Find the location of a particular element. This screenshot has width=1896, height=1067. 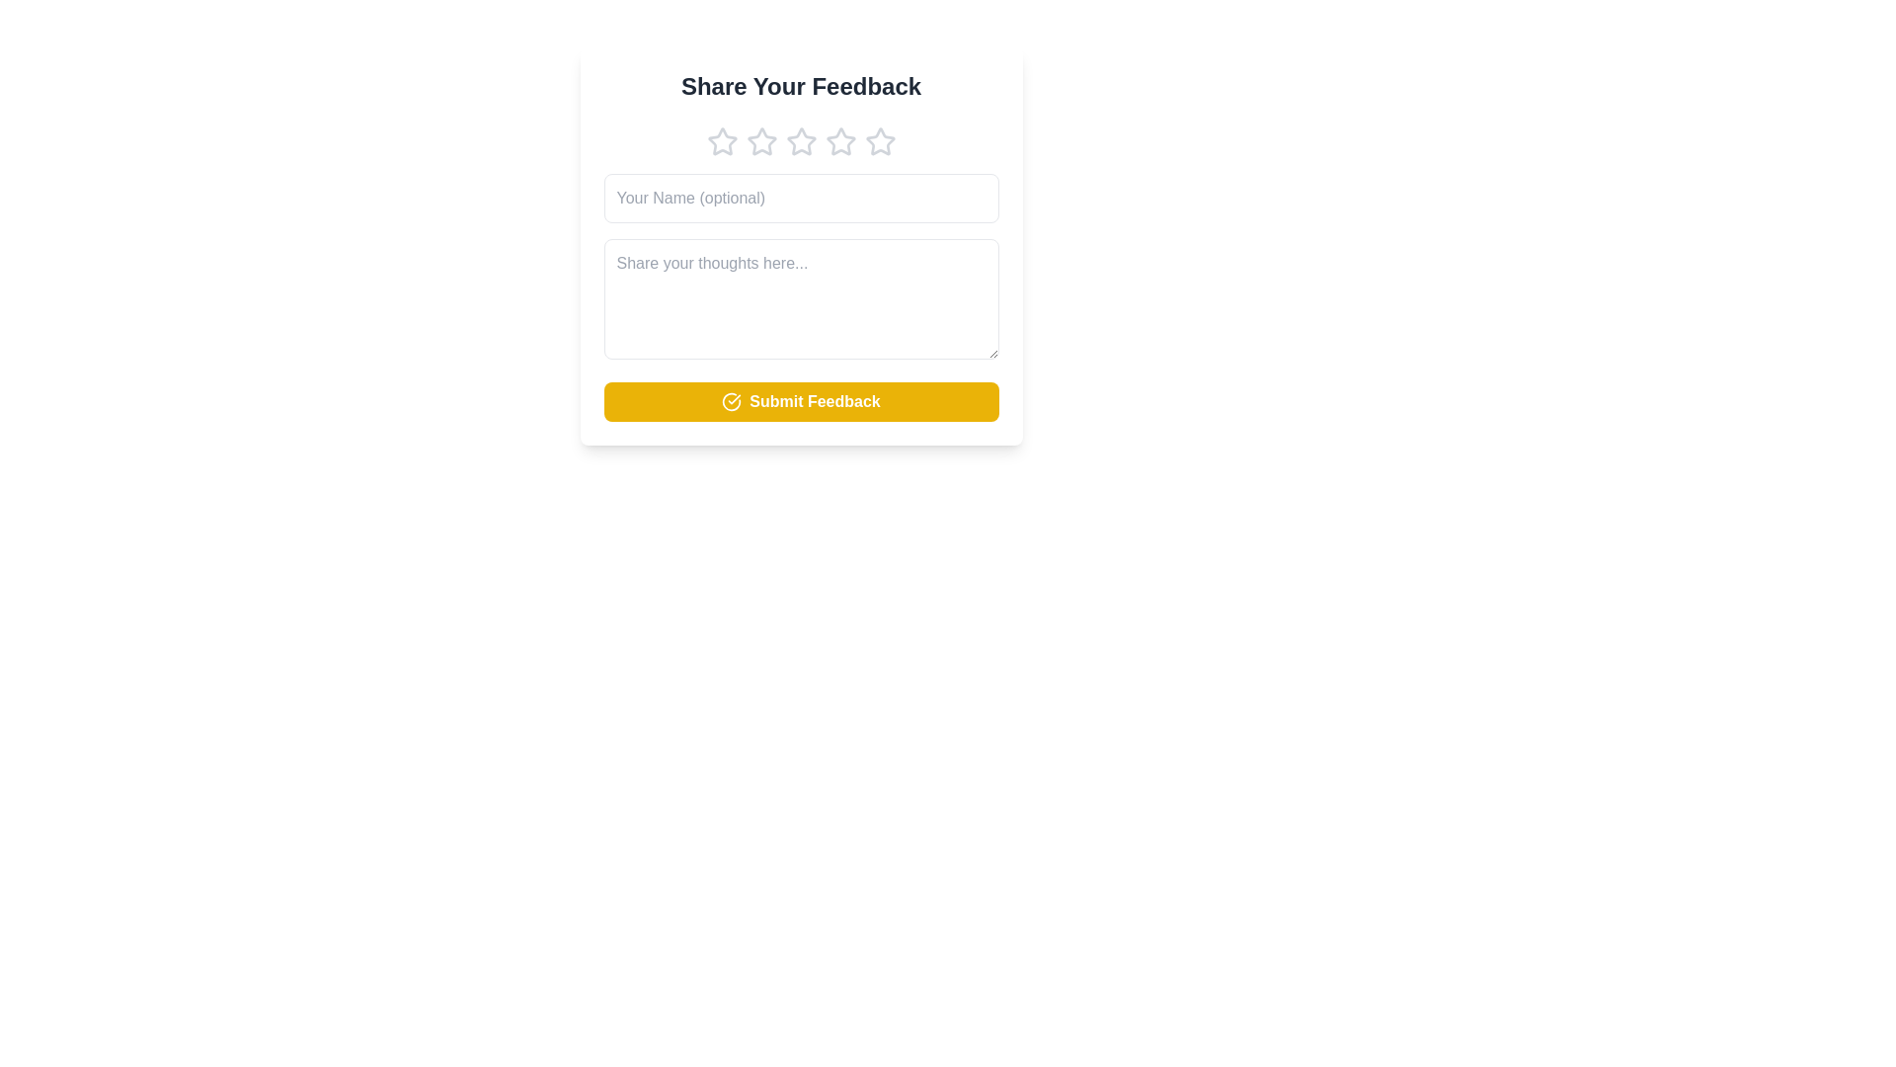

the fourth star icon in the row of rating stars beneath the 'Share Your Feedback' header is located at coordinates (840, 140).